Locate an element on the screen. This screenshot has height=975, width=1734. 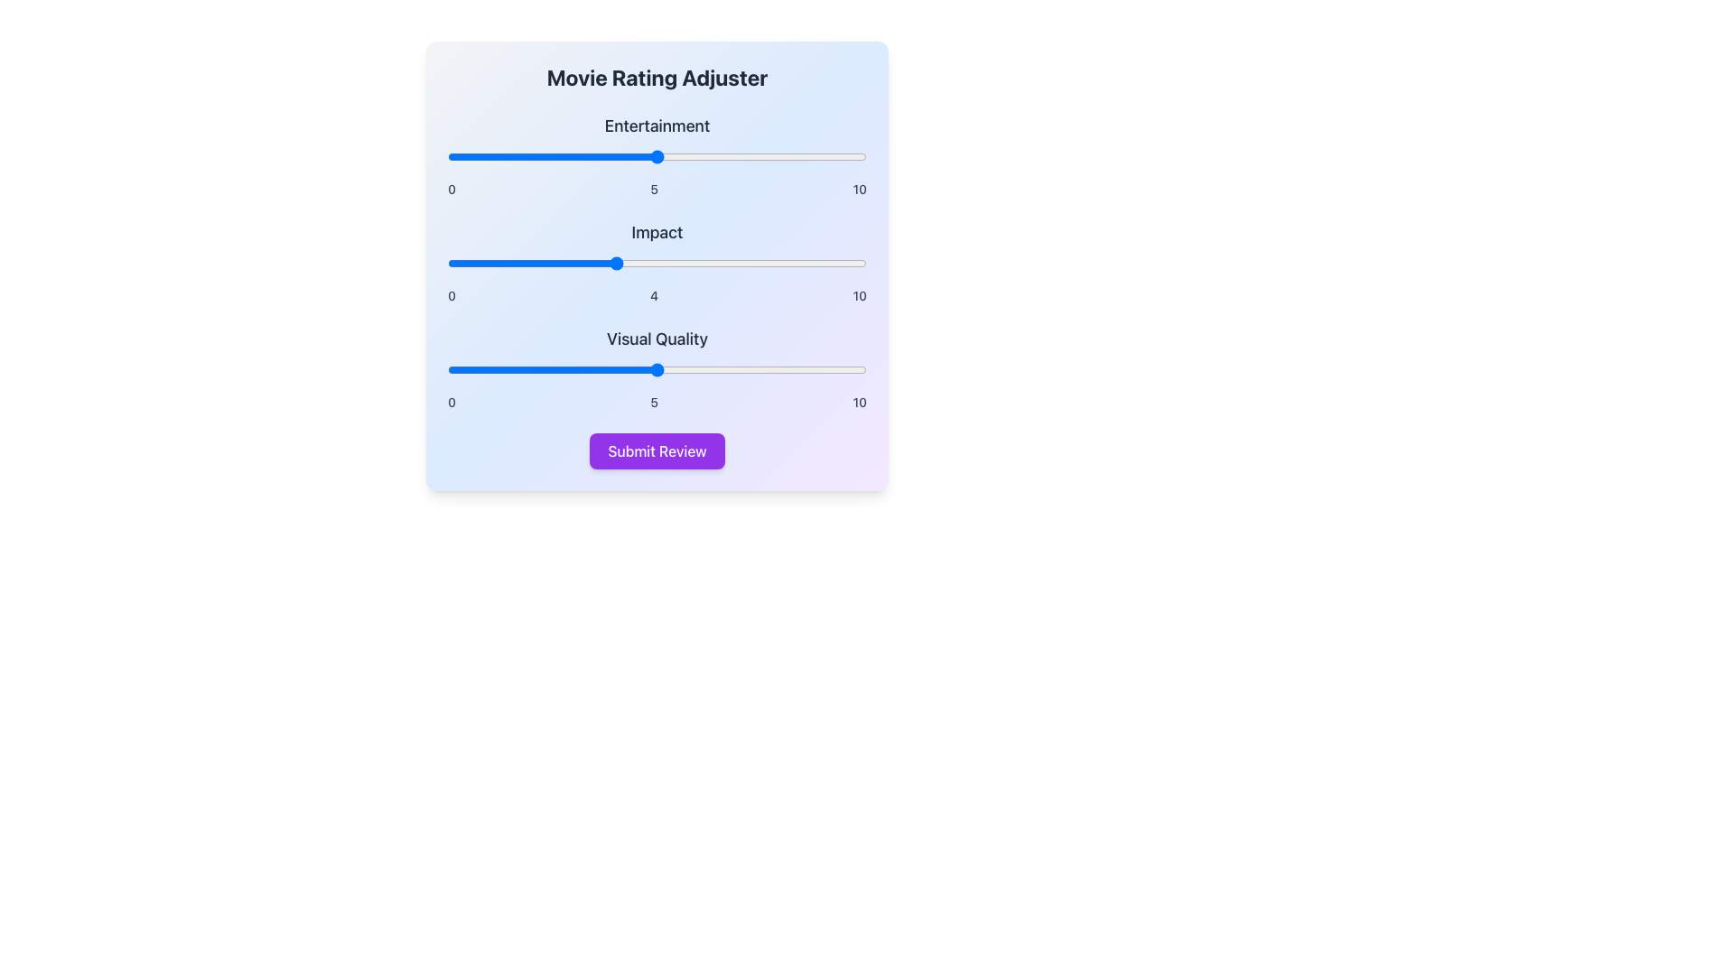
the Impact rating slider is located at coordinates (447, 264).